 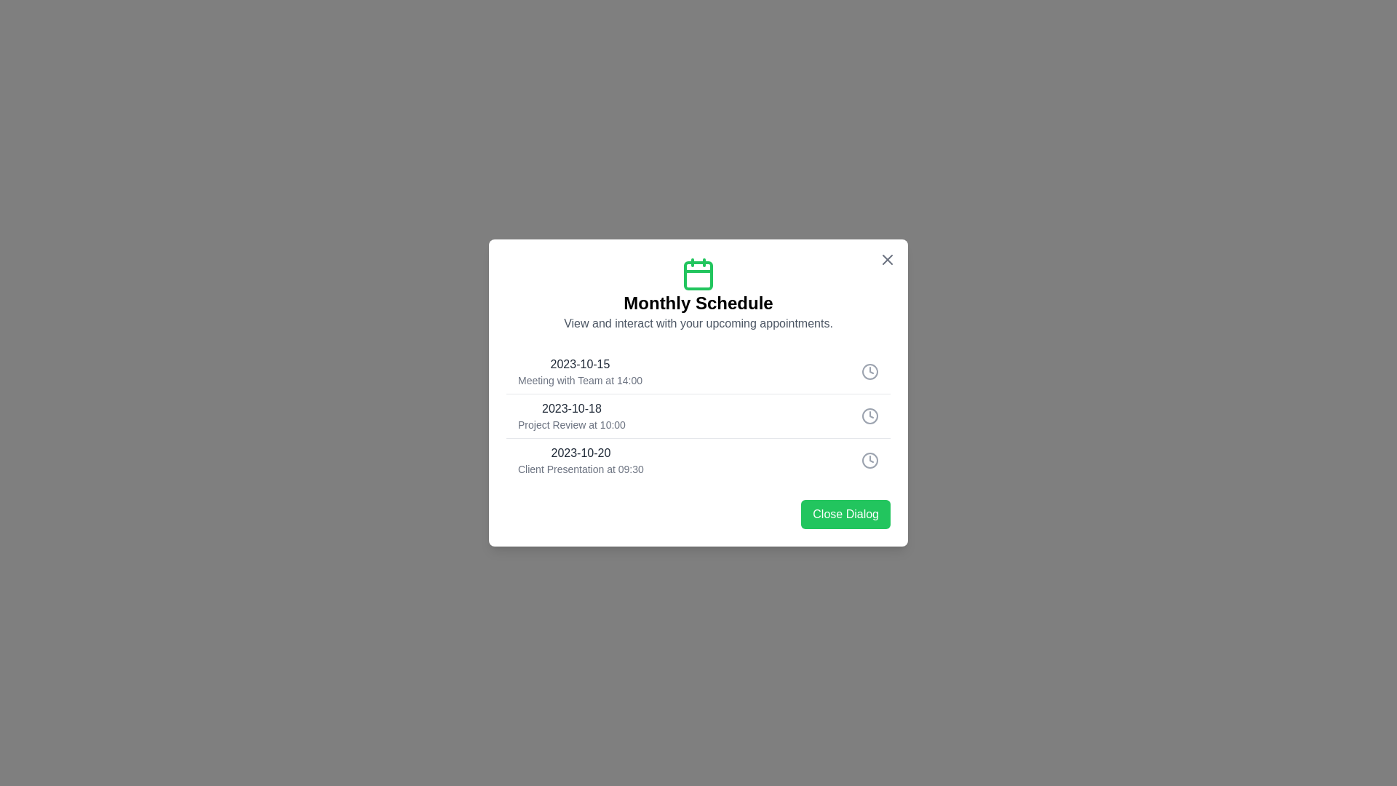 I want to click on the event 2023-10-20 Client Presentation at 09:30 from the list to view its details, so click(x=698, y=460).